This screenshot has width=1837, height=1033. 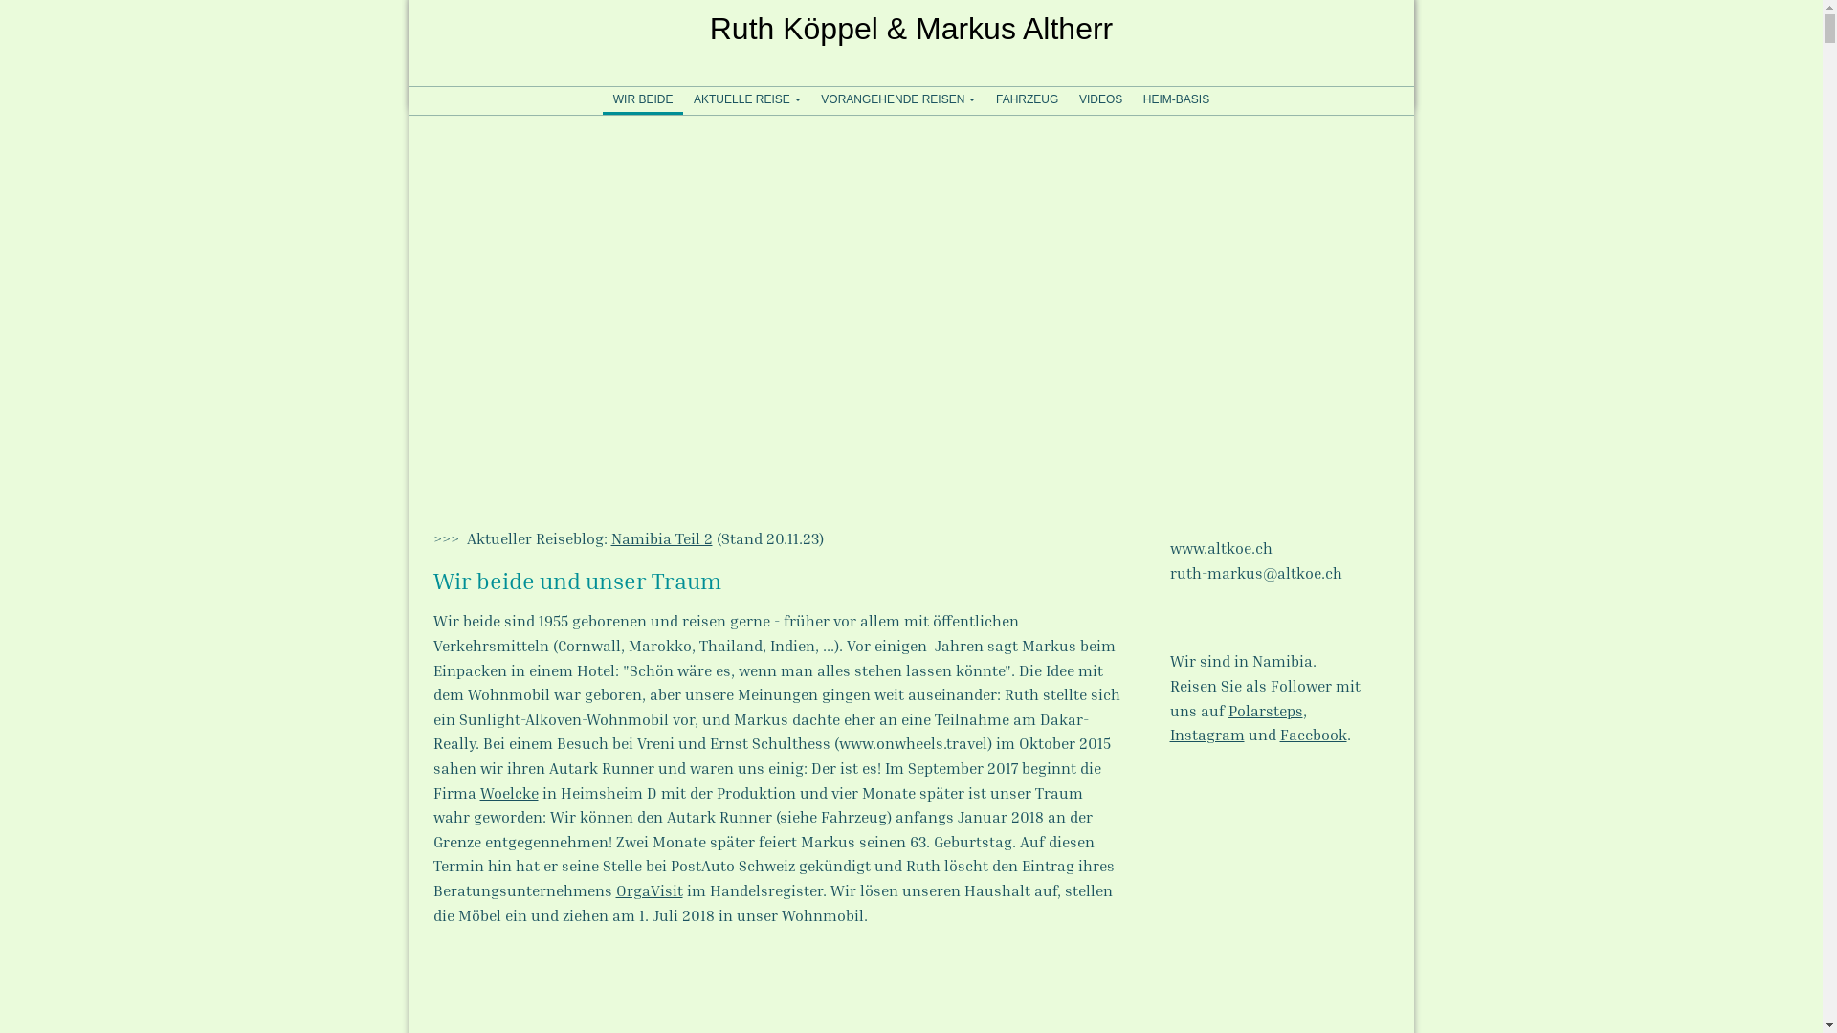 I want to click on 'HEIM-BASIS', so click(x=1133, y=99).